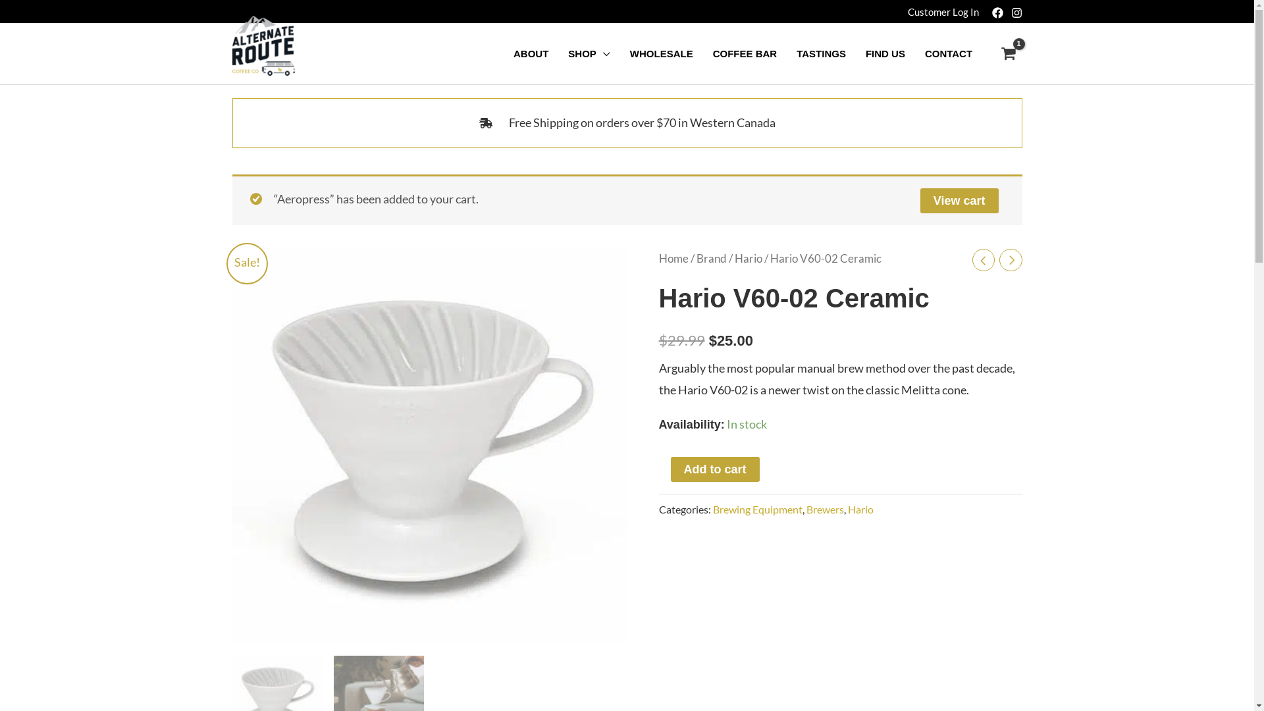  I want to click on 'Customer Log In', so click(941, 11).